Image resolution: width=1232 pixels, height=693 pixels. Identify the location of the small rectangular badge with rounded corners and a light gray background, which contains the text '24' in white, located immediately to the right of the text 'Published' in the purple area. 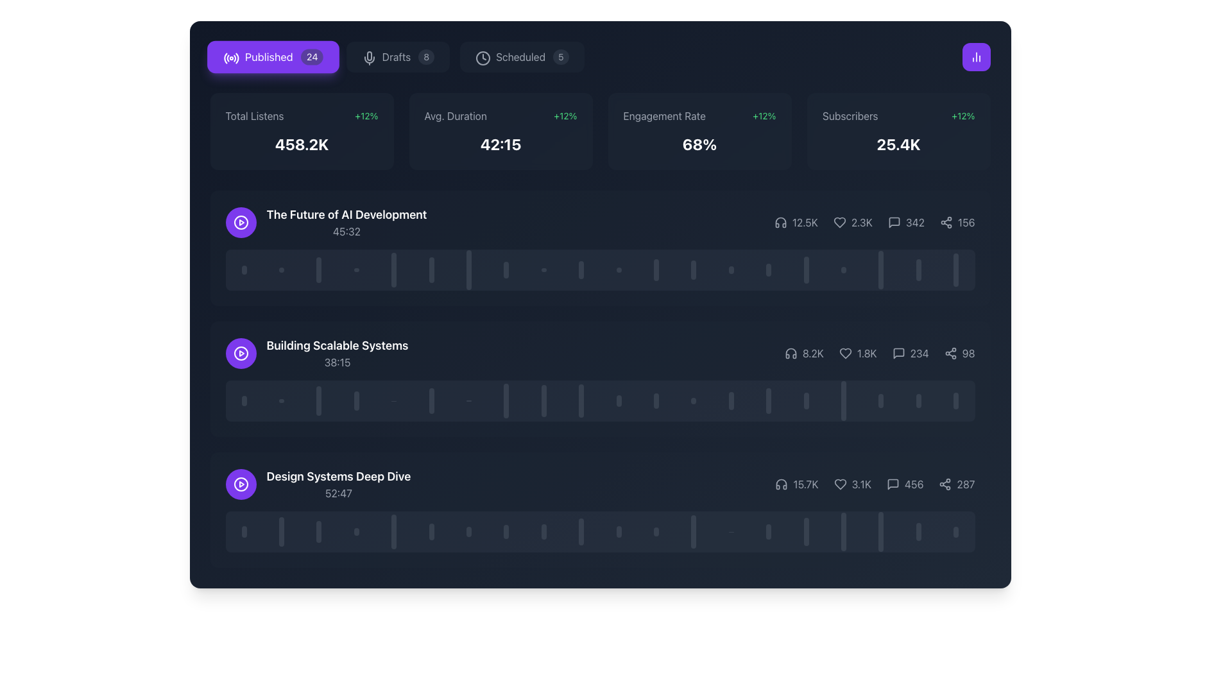
(312, 56).